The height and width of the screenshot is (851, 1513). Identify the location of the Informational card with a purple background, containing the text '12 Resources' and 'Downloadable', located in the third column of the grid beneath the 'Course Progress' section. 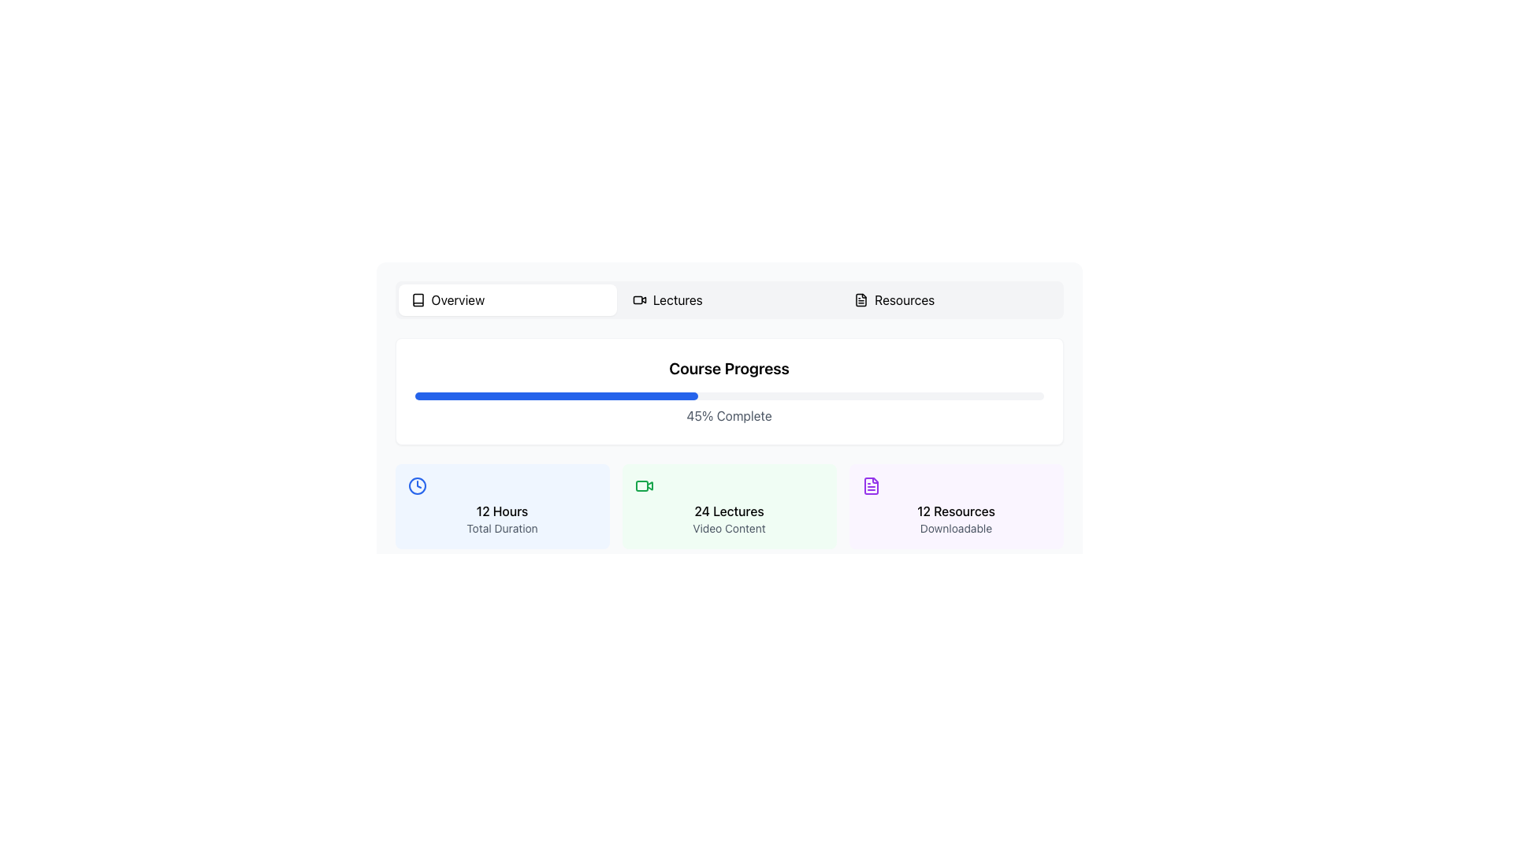
(955, 507).